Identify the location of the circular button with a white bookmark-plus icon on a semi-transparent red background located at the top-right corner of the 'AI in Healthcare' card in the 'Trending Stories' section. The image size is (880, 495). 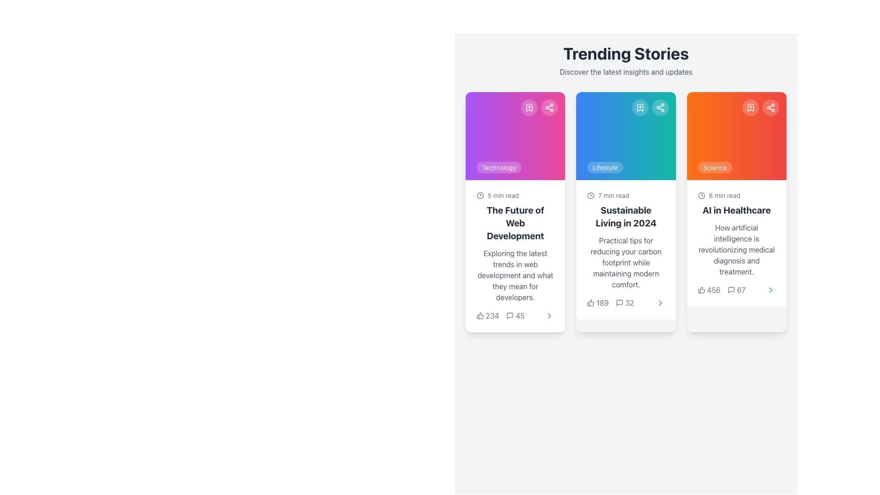
(750, 107).